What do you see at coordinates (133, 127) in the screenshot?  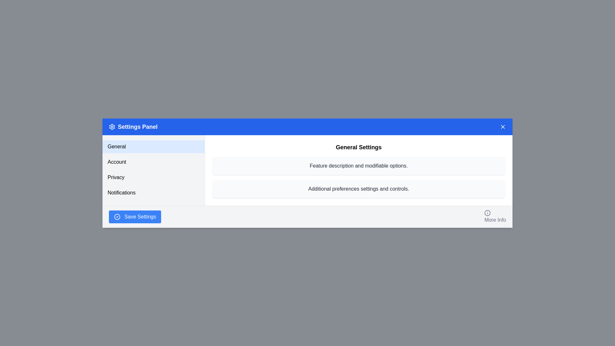 I see `the 'Settings Panel' text label with an embedded gear icon, located in the top-left portion of the blue header bar` at bounding box center [133, 127].